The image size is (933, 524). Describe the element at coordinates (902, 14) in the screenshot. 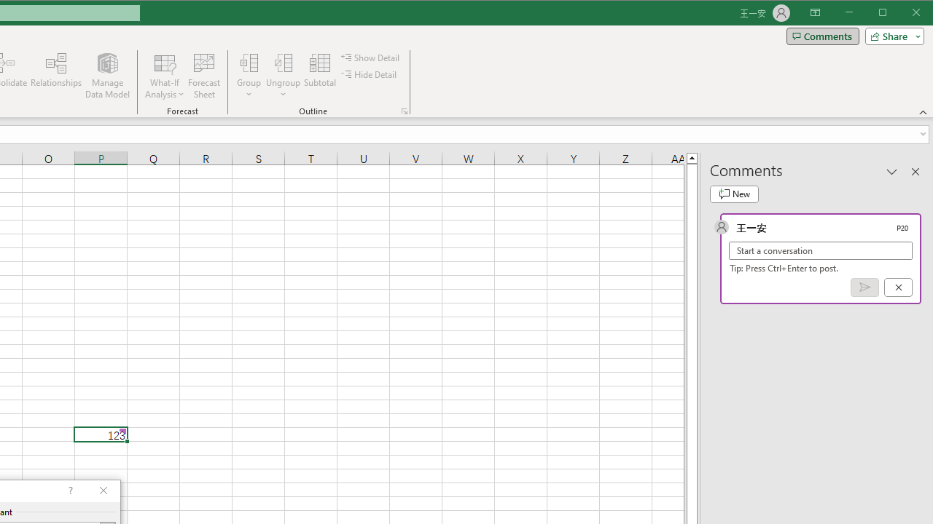

I see `'Maximize'` at that location.